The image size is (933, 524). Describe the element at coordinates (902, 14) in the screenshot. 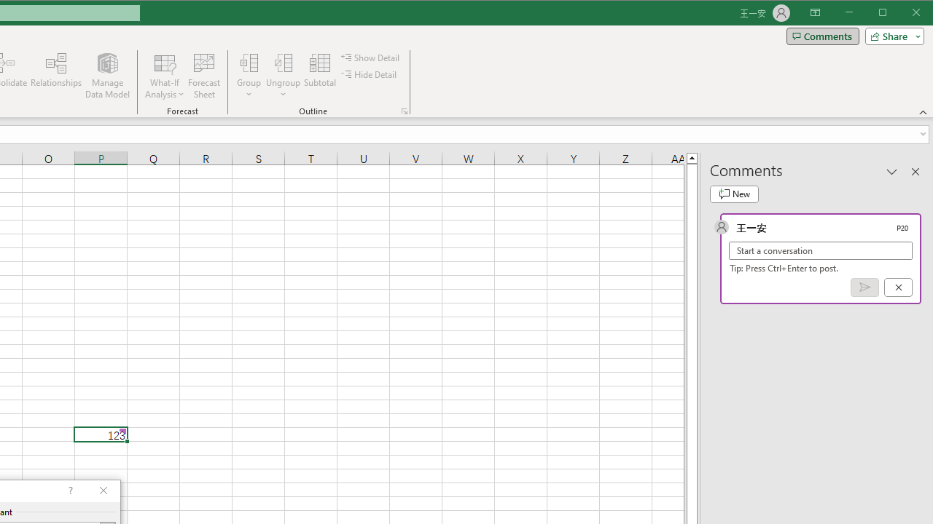

I see `'Maximize'` at that location.